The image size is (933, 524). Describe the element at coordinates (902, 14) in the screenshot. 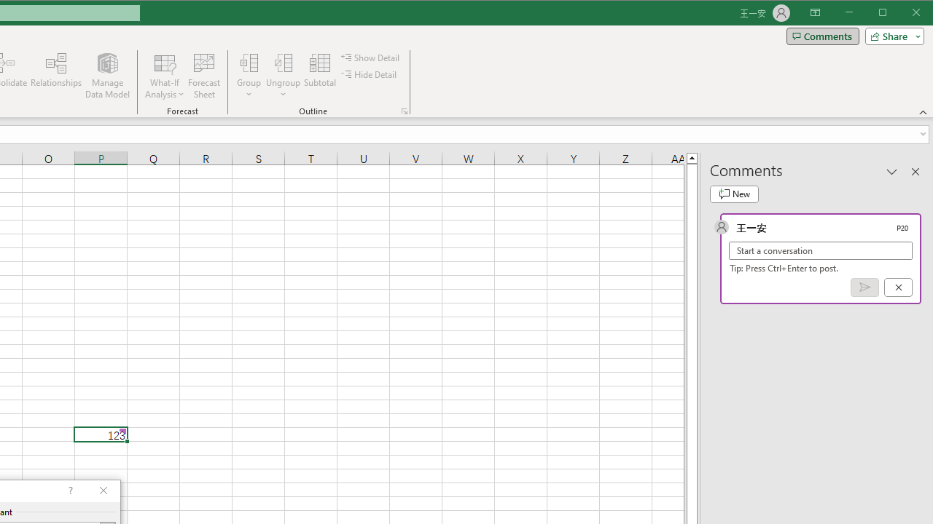

I see `'Maximize'` at that location.